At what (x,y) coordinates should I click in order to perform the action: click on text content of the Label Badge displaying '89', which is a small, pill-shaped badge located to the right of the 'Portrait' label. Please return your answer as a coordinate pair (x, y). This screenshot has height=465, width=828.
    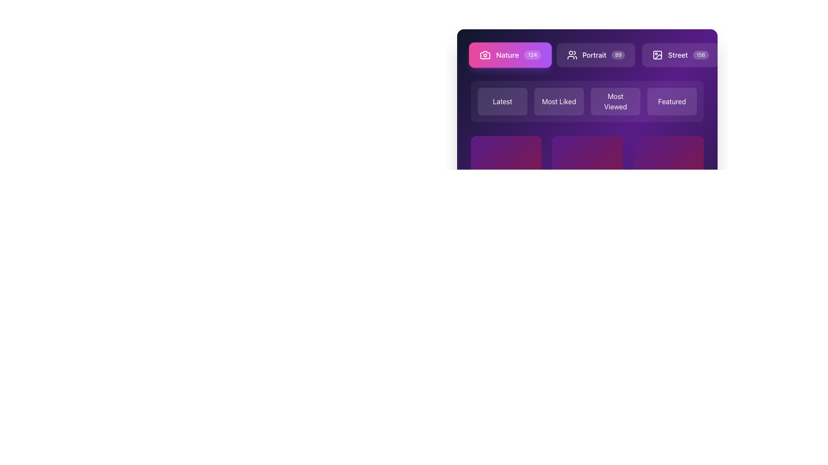
    Looking at the image, I should click on (618, 55).